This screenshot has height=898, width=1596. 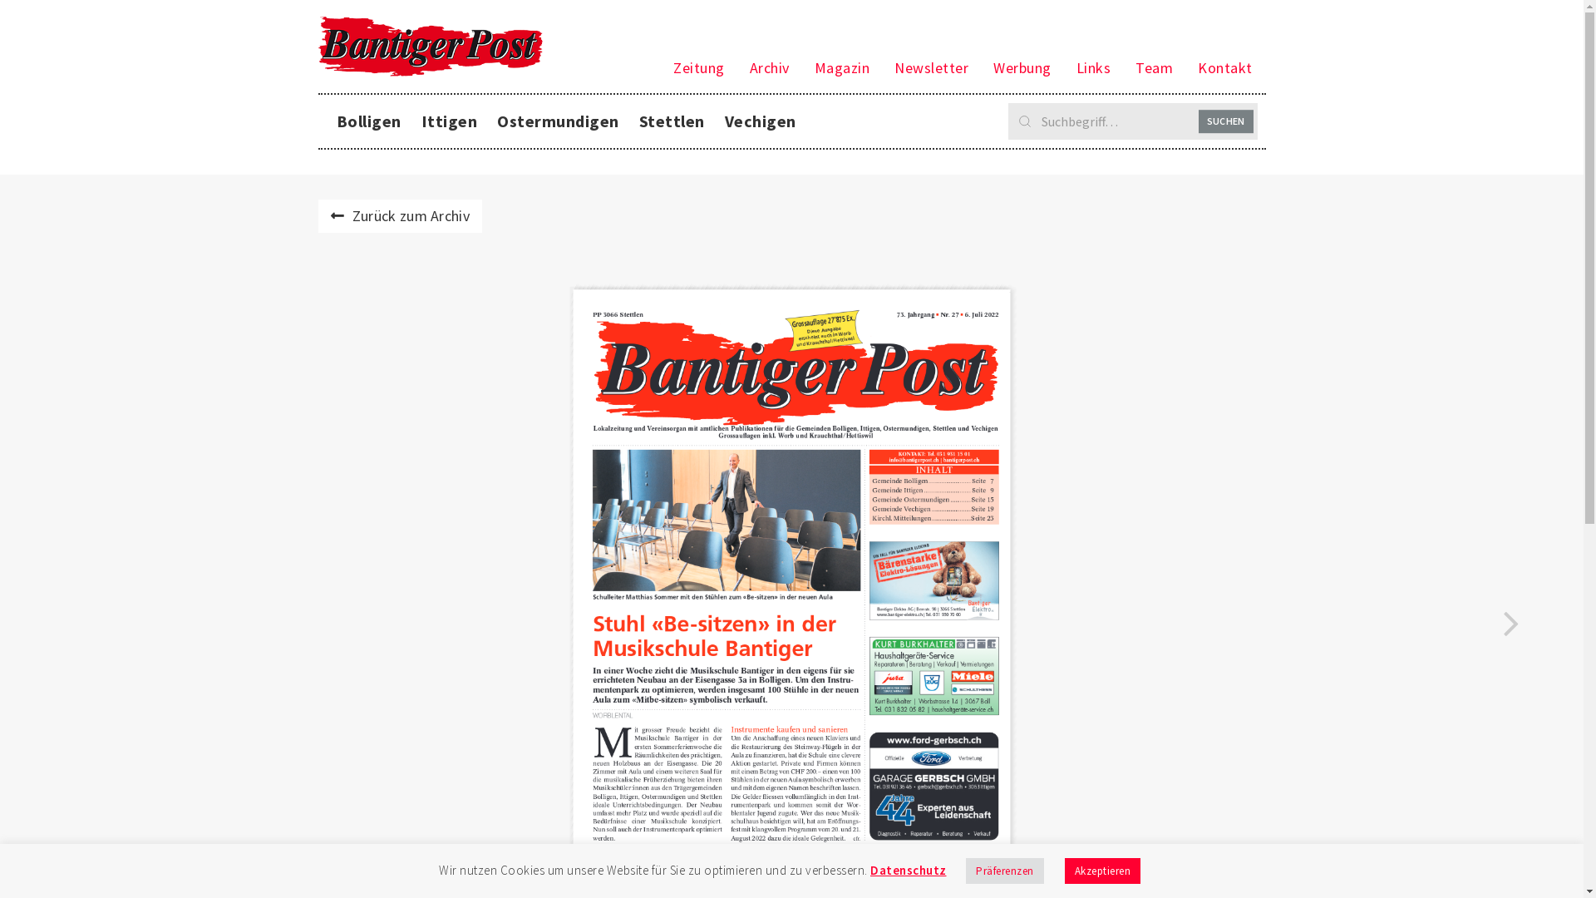 What do you see at coordinates (1184, 67) in the screenshot?
I see `'Kontakt'` at bounding box center [1184, 67].